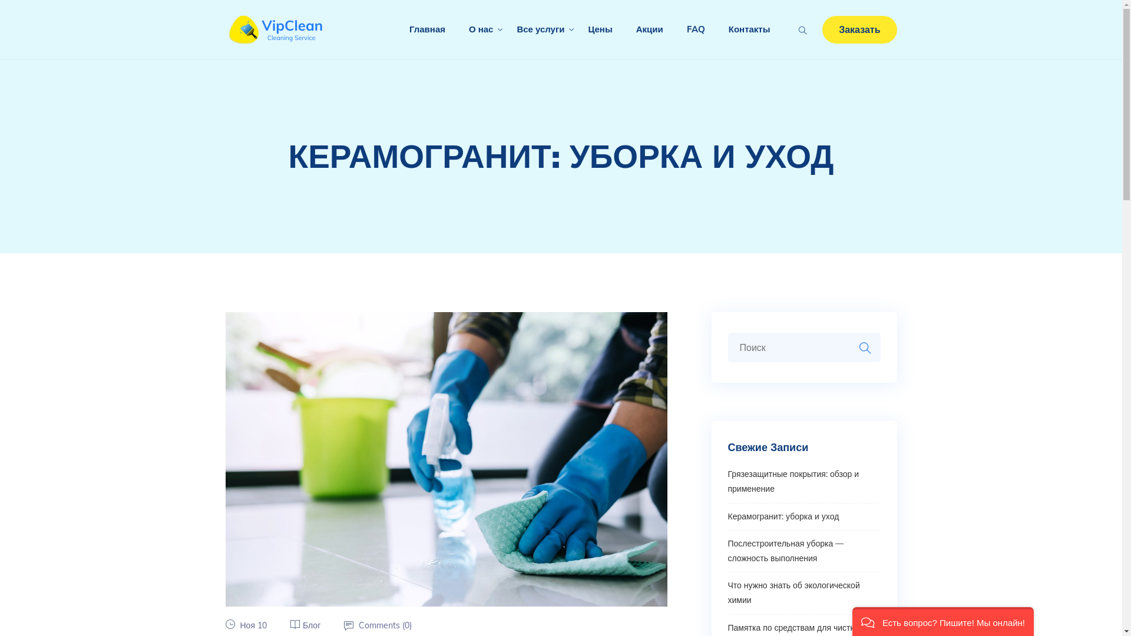 Image resolution: width=1131 pixels, height=636 pixels. What do you see at coordinates (696, 29) in the screenshot?
I see `'FAQ'` at bounding box center [696, 29].